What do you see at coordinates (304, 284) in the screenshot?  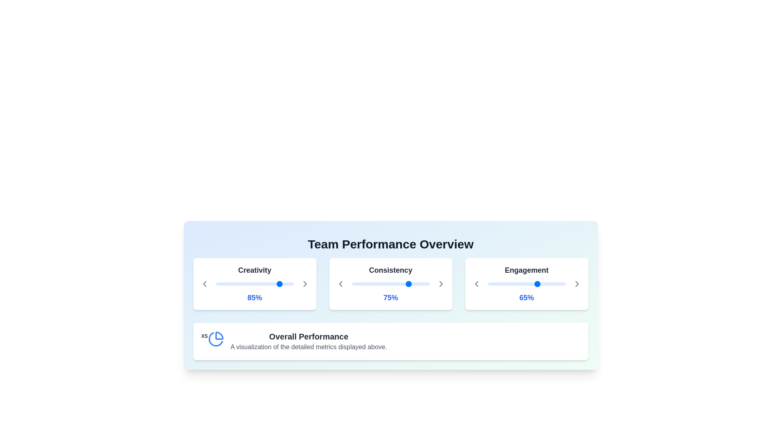 I see `the rightward navigation icon located in the top-right corner of the 'Creativity' card` at bounding box center [304, 284].